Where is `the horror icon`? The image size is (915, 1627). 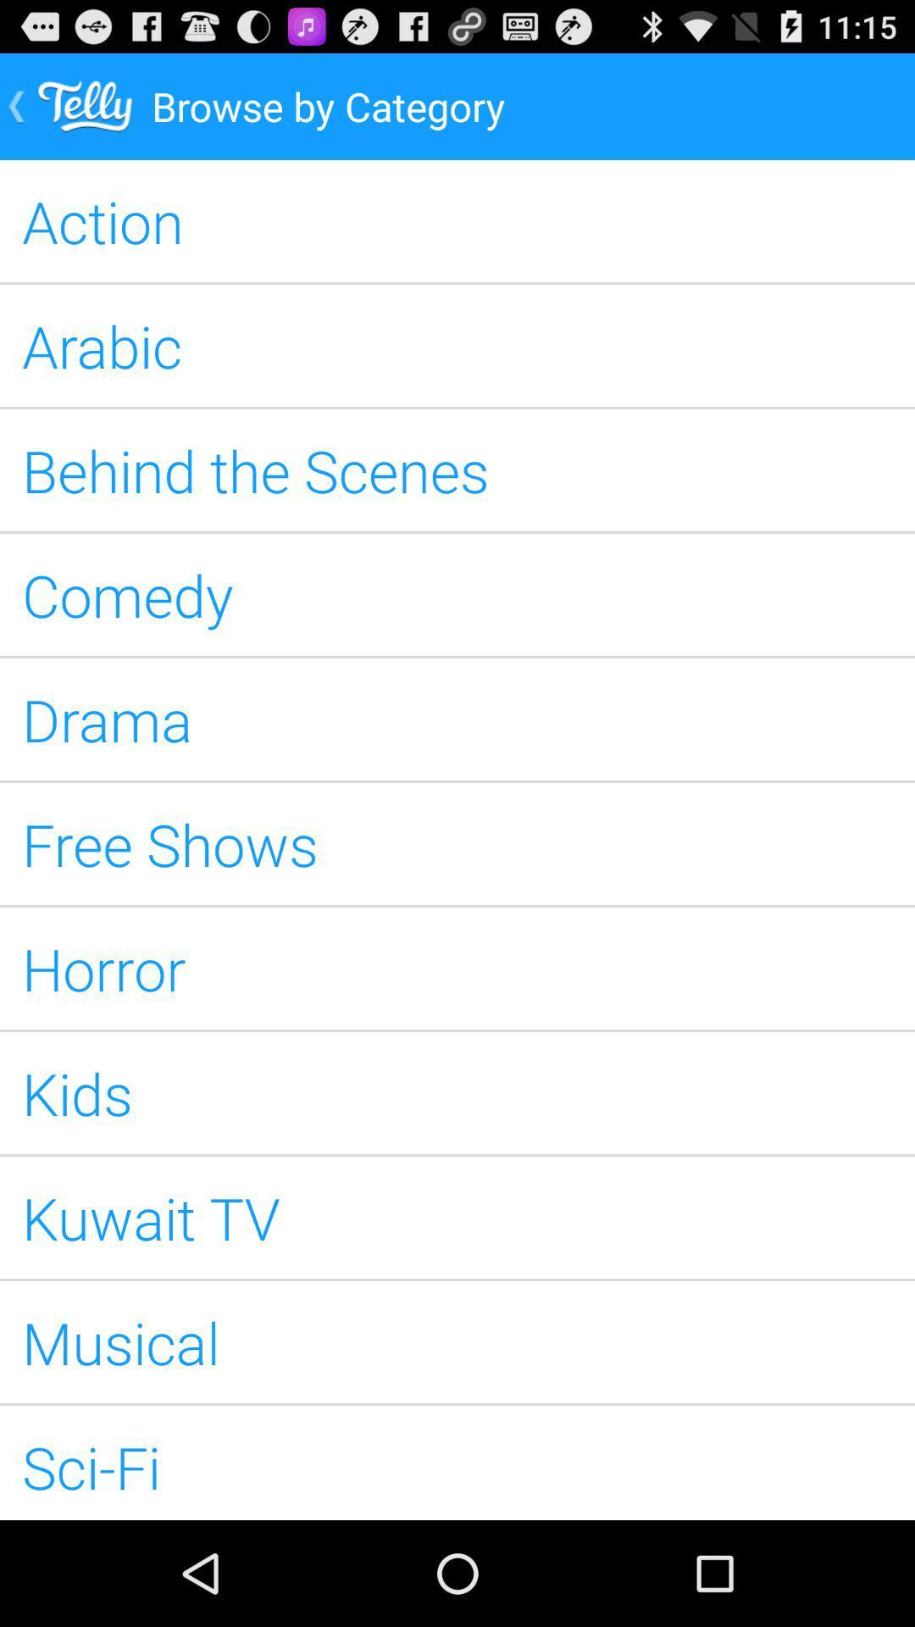 the horror icon is located at coordinates (457, 968).